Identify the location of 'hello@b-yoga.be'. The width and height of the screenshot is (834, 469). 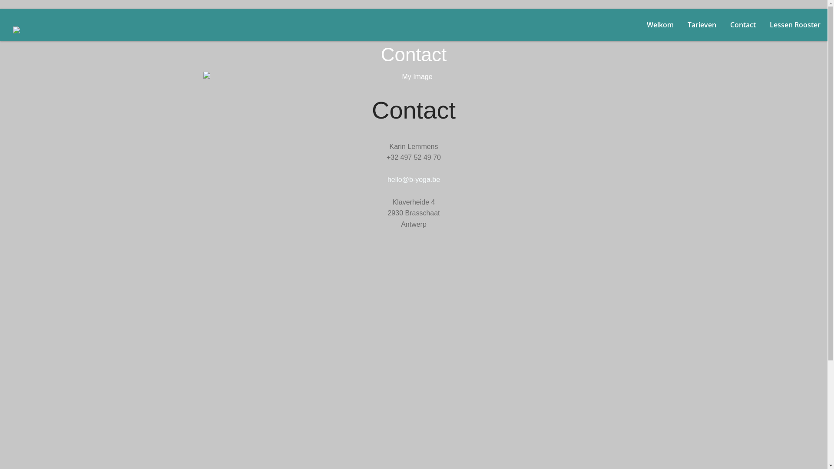
(413, 179).